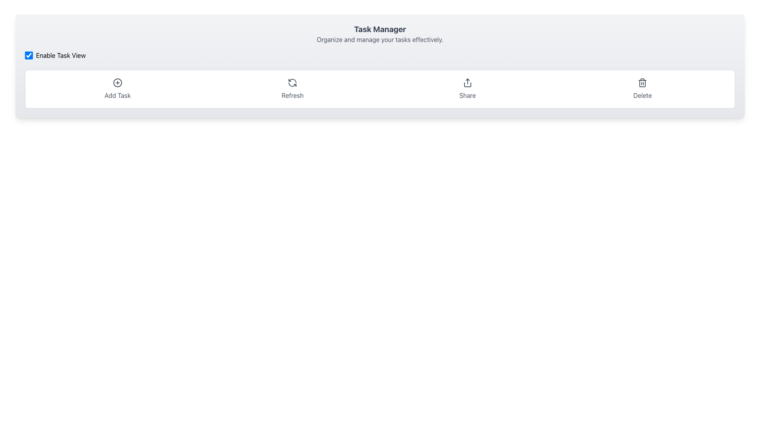  What do you see at coordinates (467, 95) in the screenshot?
I see `the 'Share' text label, which is styled in gray and positioned beneath an upward arrow icon in a horizontal line of interactive elements` at bounding box center [467, 95].